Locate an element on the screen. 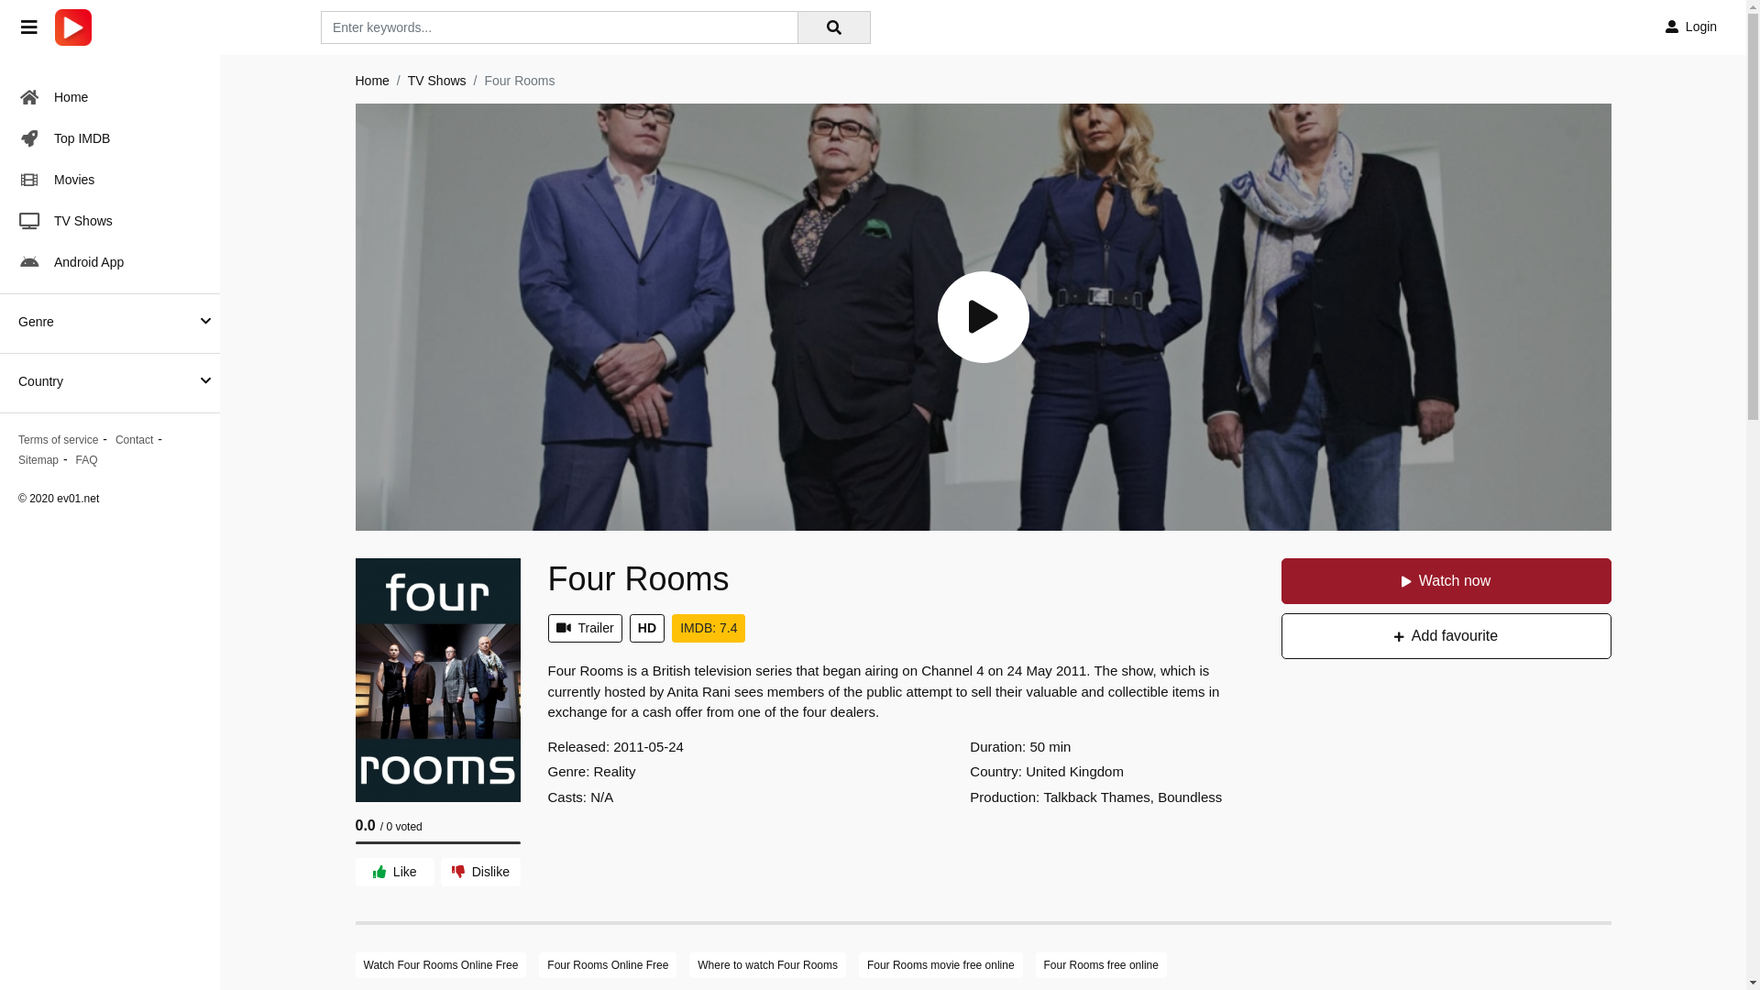 The image size is (1760, 990). 'Login' is located at coordinates (1689, 27).